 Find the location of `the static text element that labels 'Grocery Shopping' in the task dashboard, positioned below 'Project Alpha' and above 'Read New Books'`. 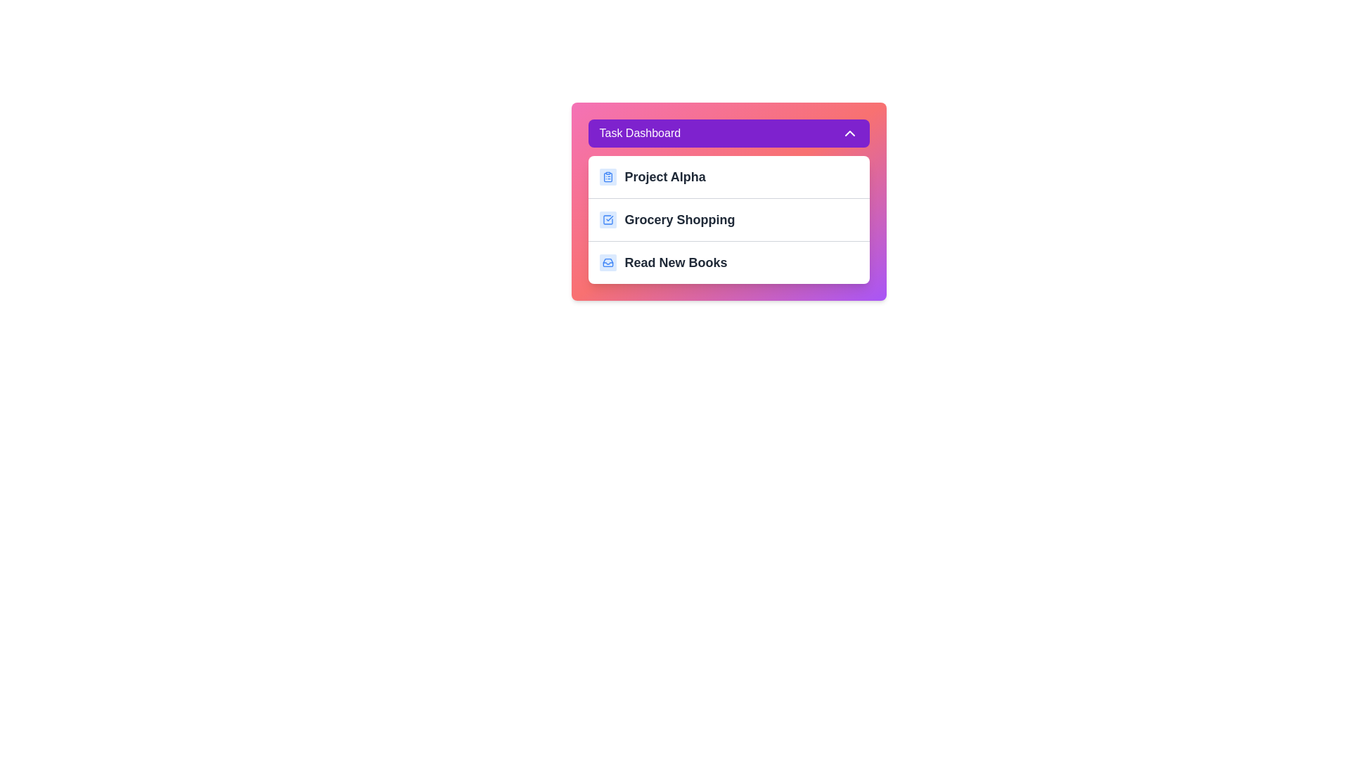

the static text element that labels 'Grocery Shopping' in the task dashboard, positioned below 'Project Alpha' and above 'Read New Books' is located at coordinates (680, 219).